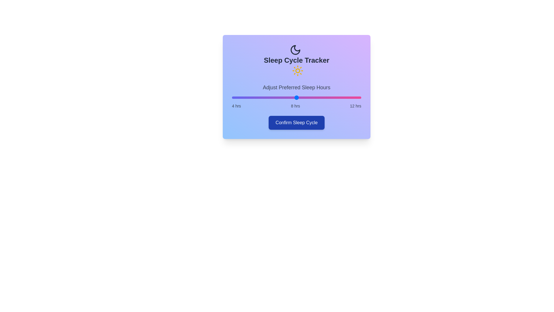  Describe the element at coordinates (295, 50) in the screenshot. I see `the decorative icon moon` at that location.